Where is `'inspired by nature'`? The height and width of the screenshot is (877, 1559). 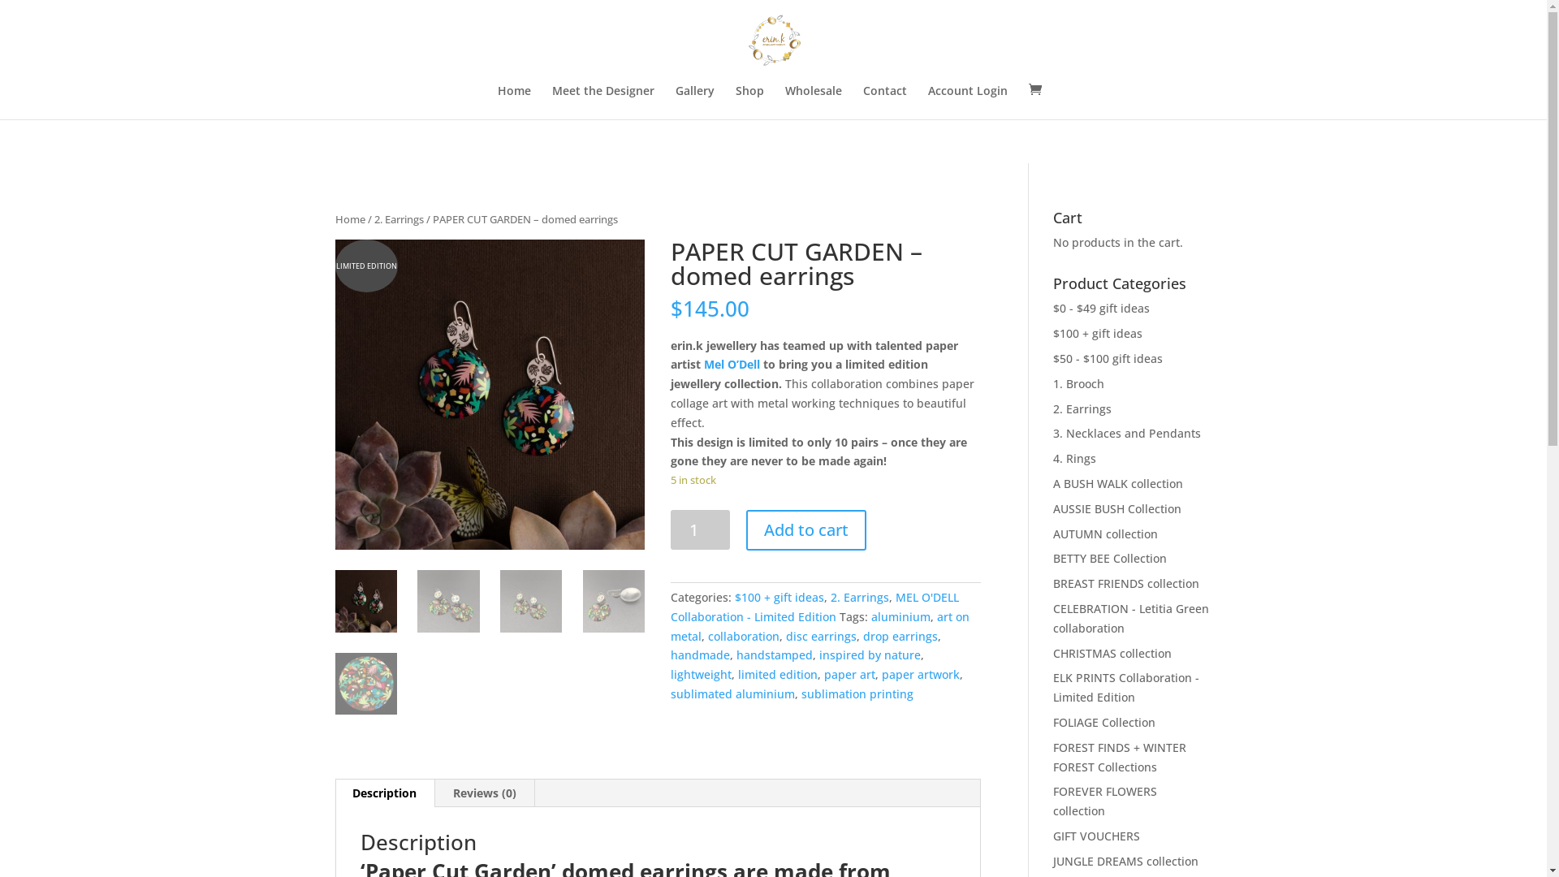
'inspired by nature' is located at coordinates (869, 654).